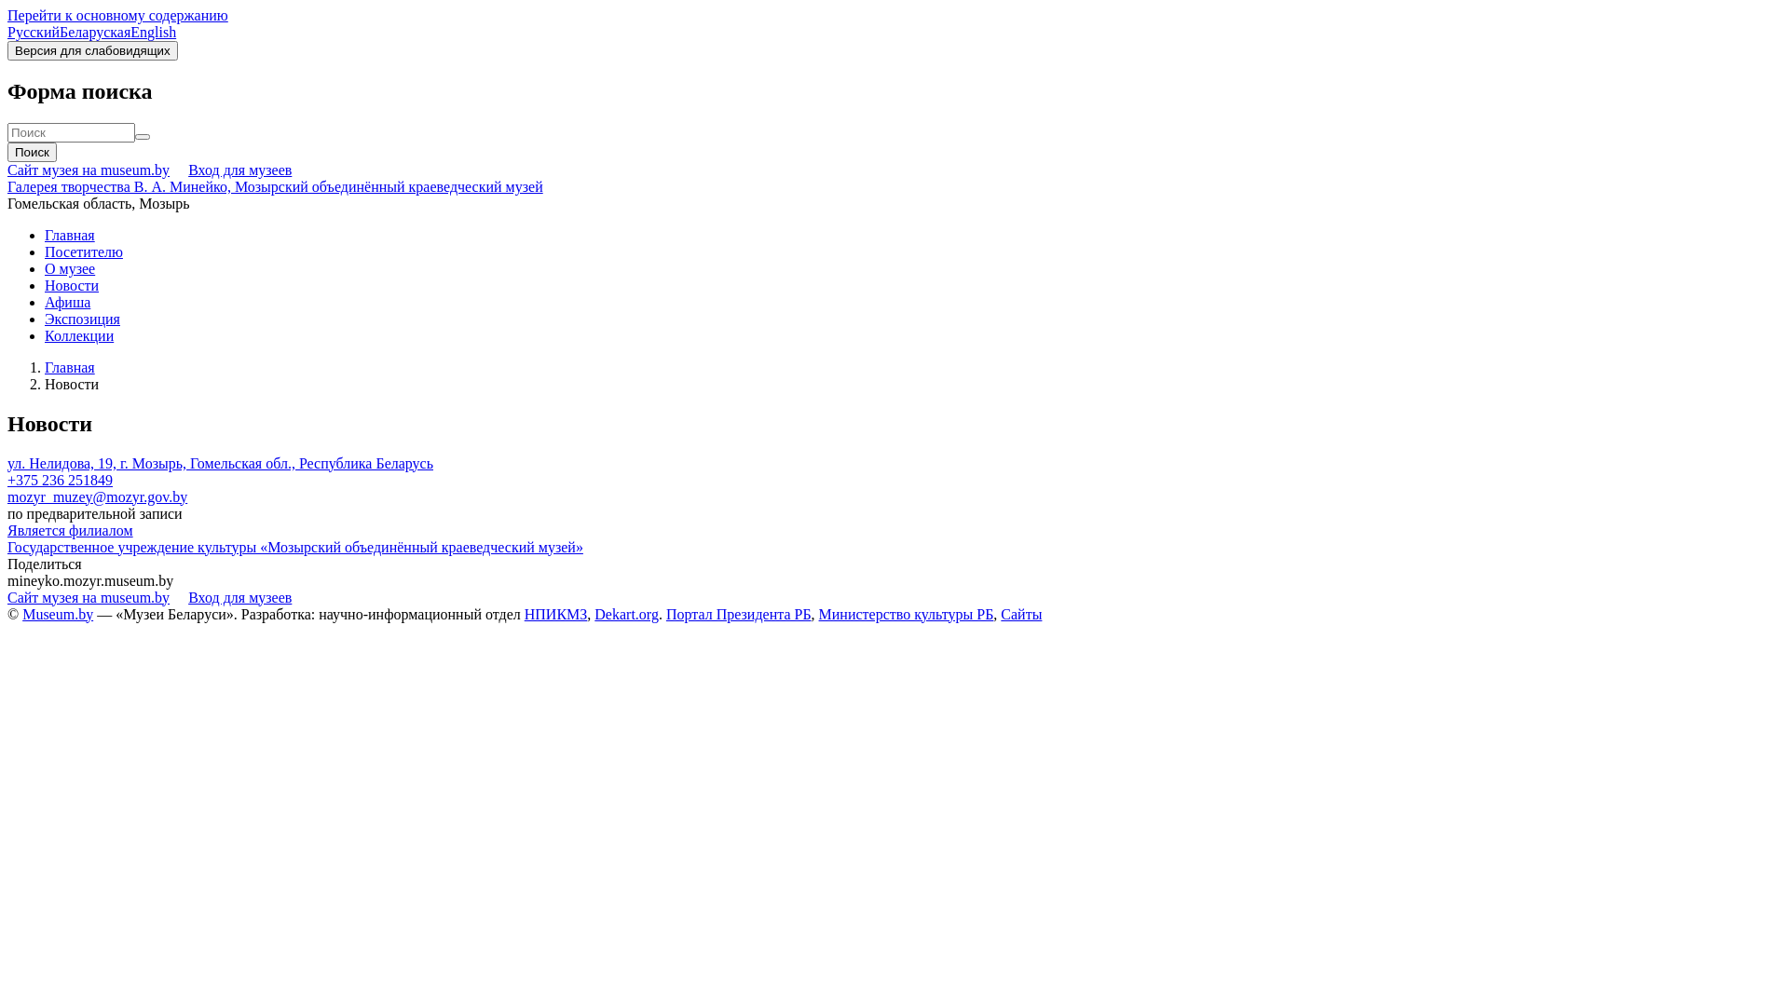  What do you see at coordinates (96, 496) in the screenshot?
I see `'mozyr_muzey@mozyr.gov.by'` at bounding box center [96, 496].